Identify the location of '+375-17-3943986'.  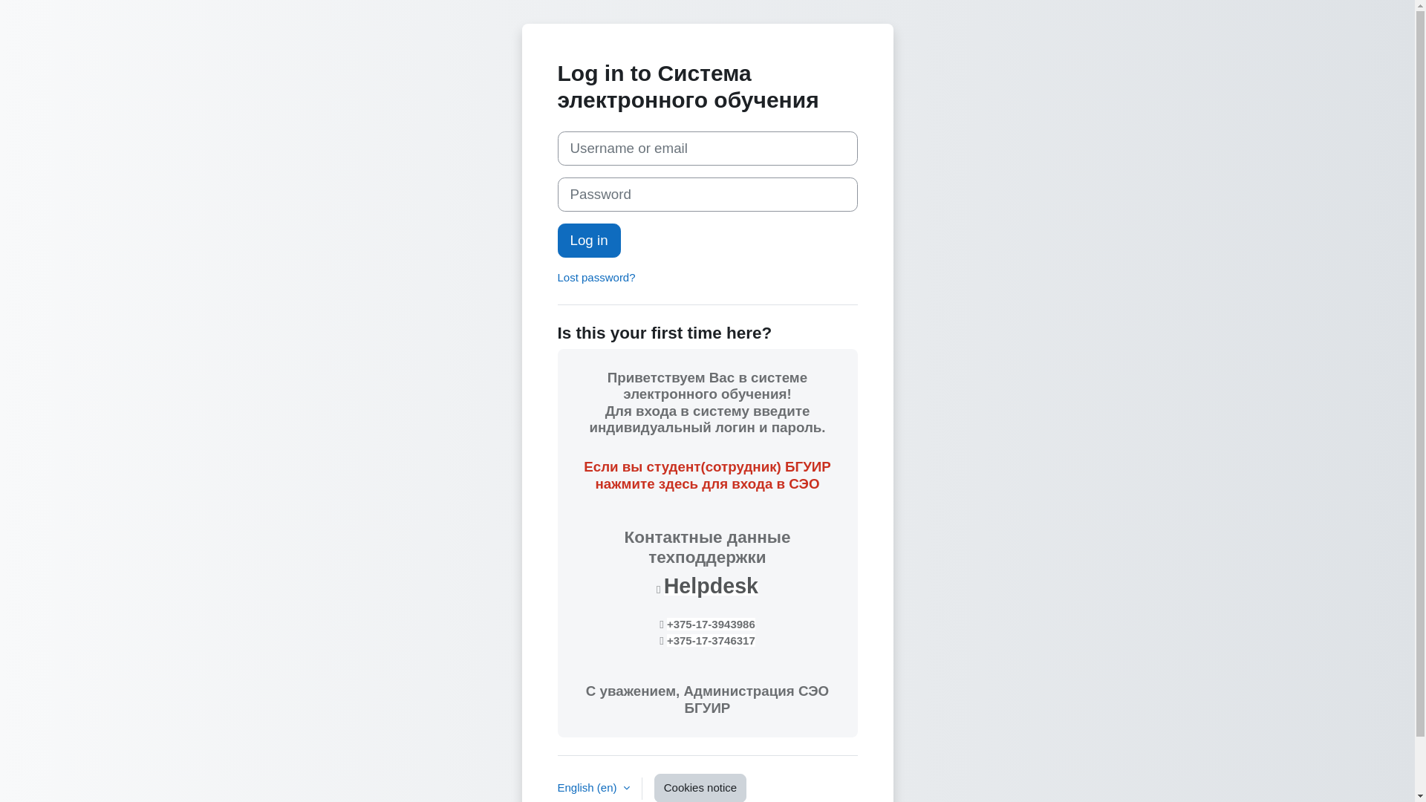
(710, 624).